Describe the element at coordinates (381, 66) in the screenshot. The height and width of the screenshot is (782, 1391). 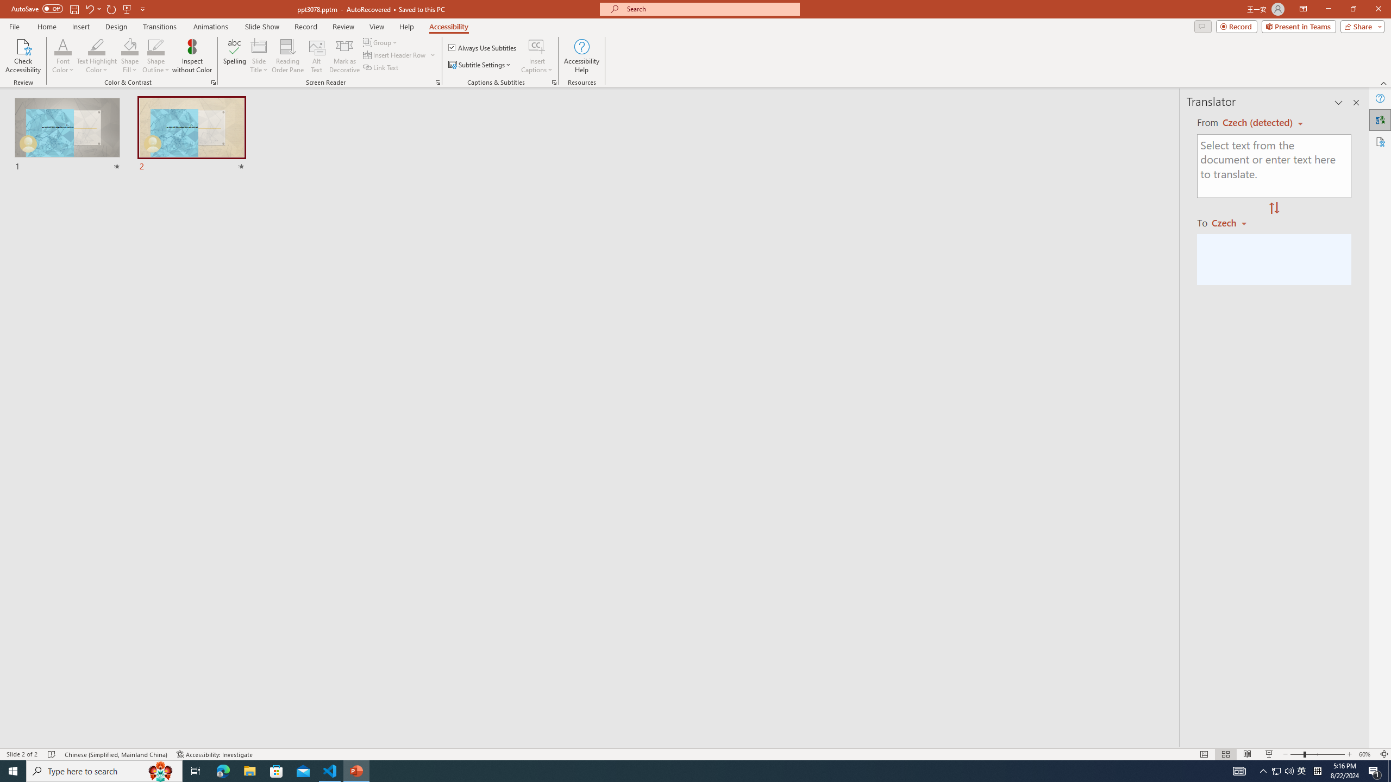
I see `'Link Text'` at that location.